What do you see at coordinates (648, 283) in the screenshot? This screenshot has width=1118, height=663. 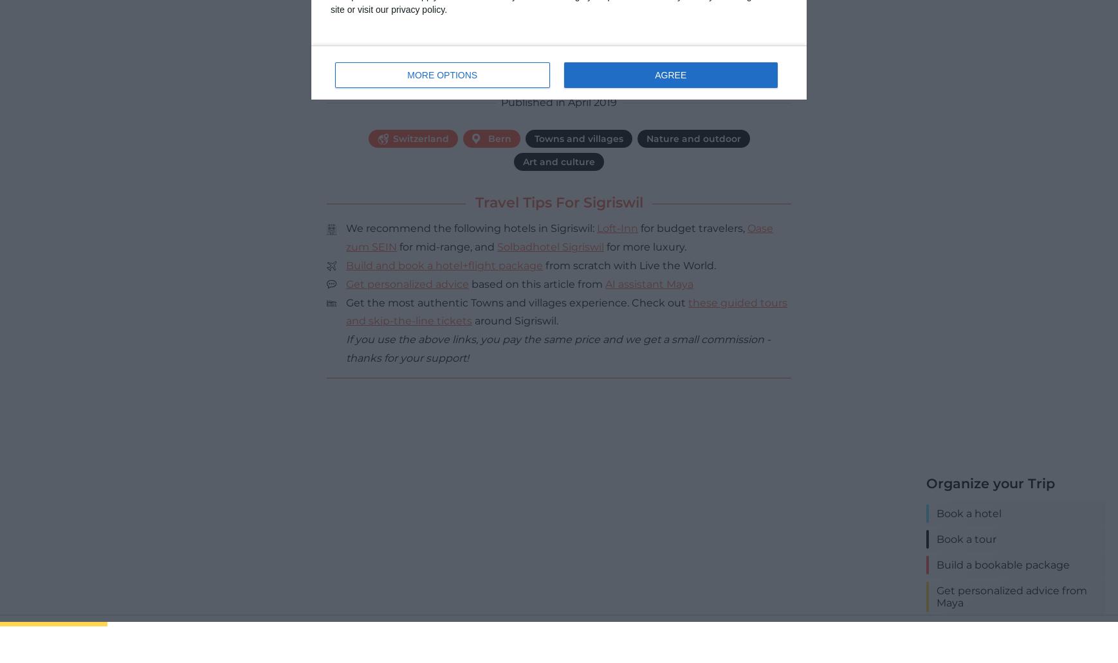 I see `'AI assistant Maya'` at bounding box center [648, 283].